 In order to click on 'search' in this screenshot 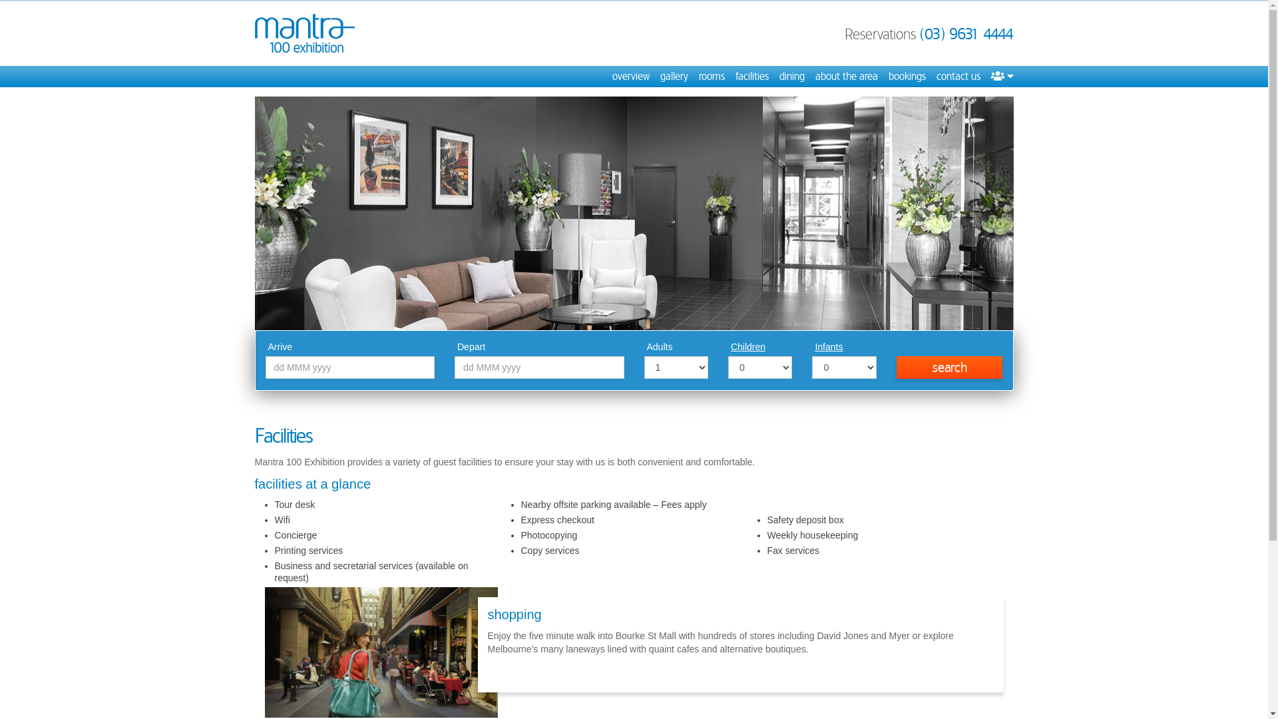, I will do `click(949, 367)`.